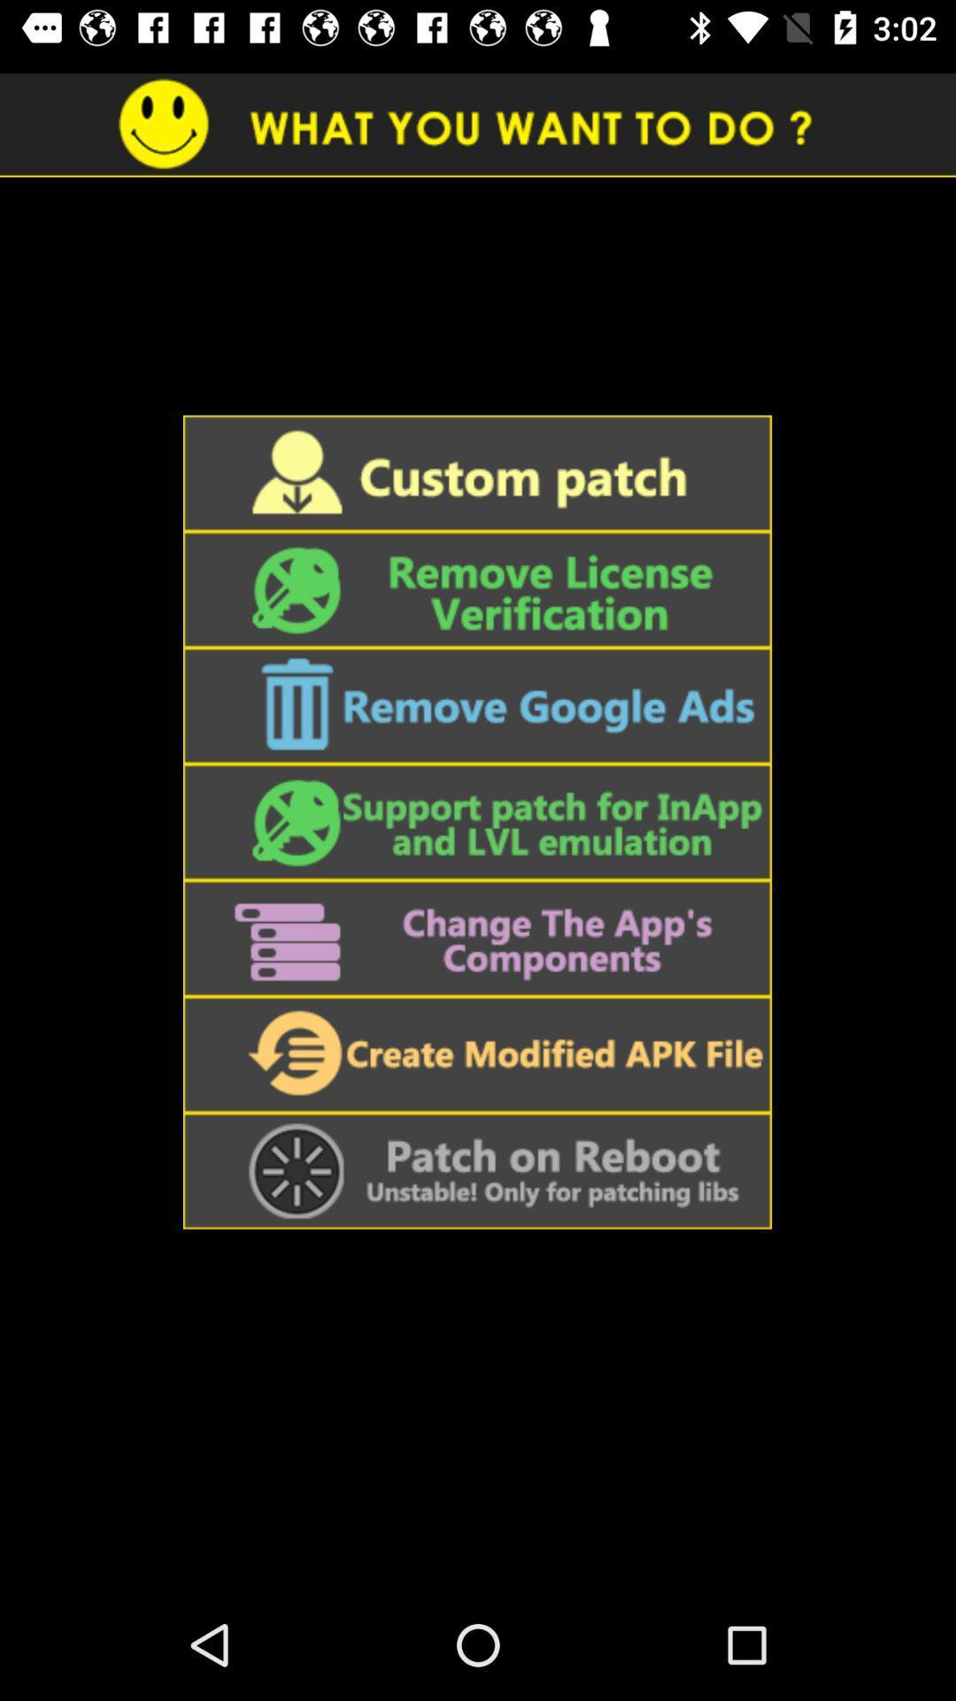 The image size is (956, 1701). I want to click on support patch, so click(476, 821).